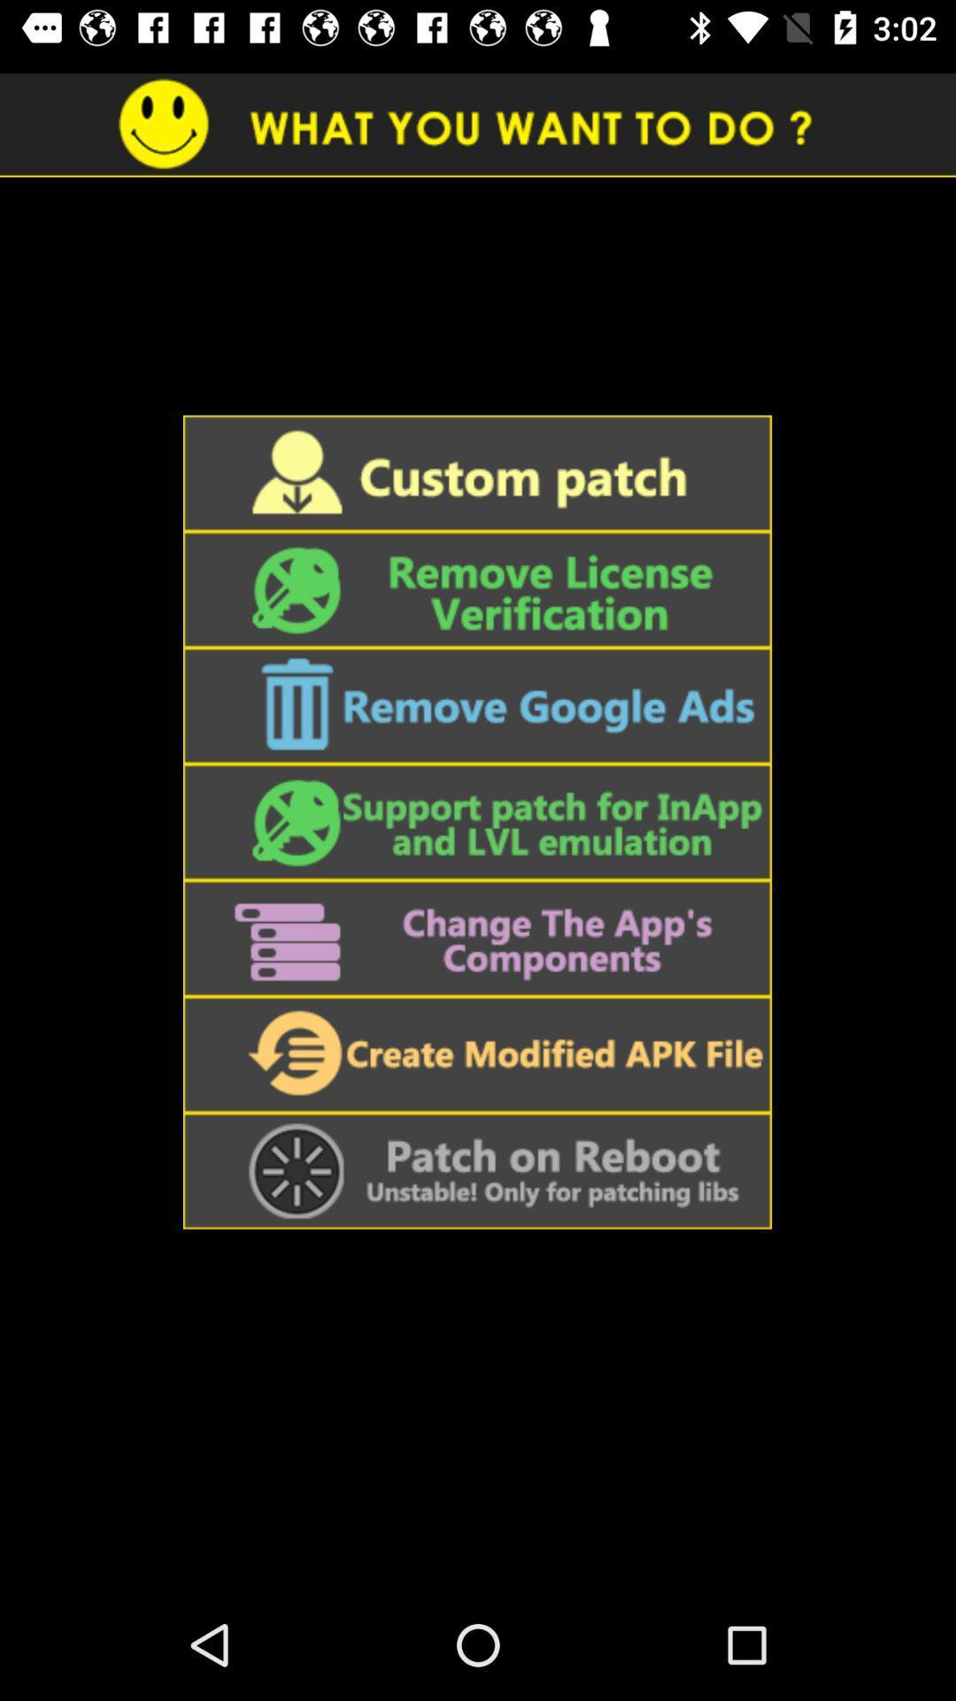 The image size is (956, 1701). I want to click on support patch, so click(476, 821).